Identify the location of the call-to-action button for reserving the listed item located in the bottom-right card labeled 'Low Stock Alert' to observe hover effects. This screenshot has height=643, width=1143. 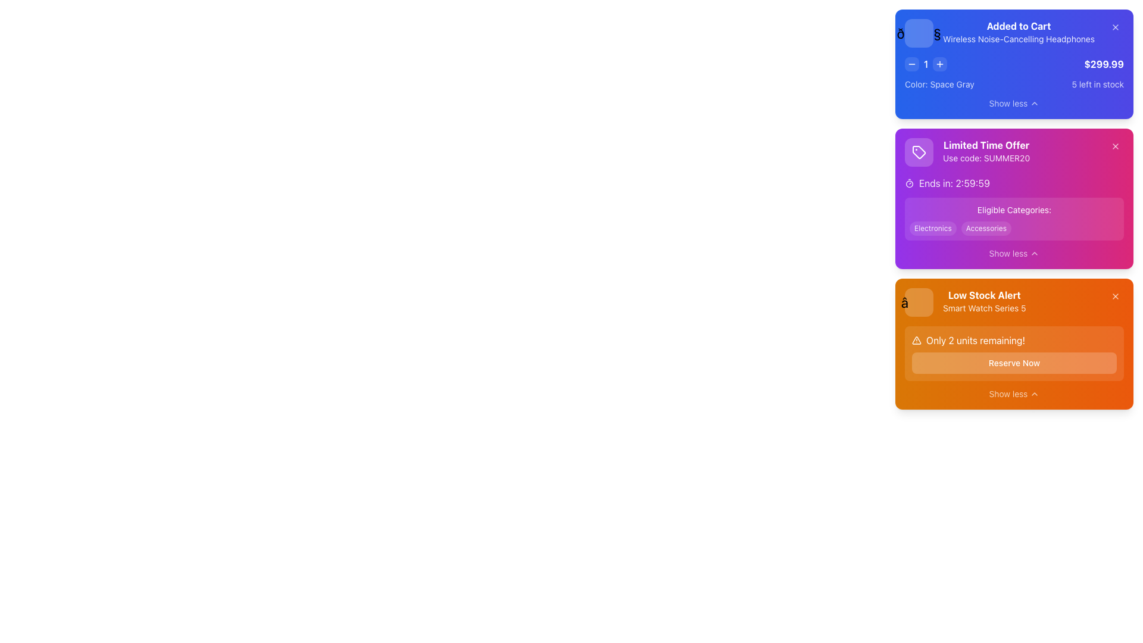
(1014, 362).